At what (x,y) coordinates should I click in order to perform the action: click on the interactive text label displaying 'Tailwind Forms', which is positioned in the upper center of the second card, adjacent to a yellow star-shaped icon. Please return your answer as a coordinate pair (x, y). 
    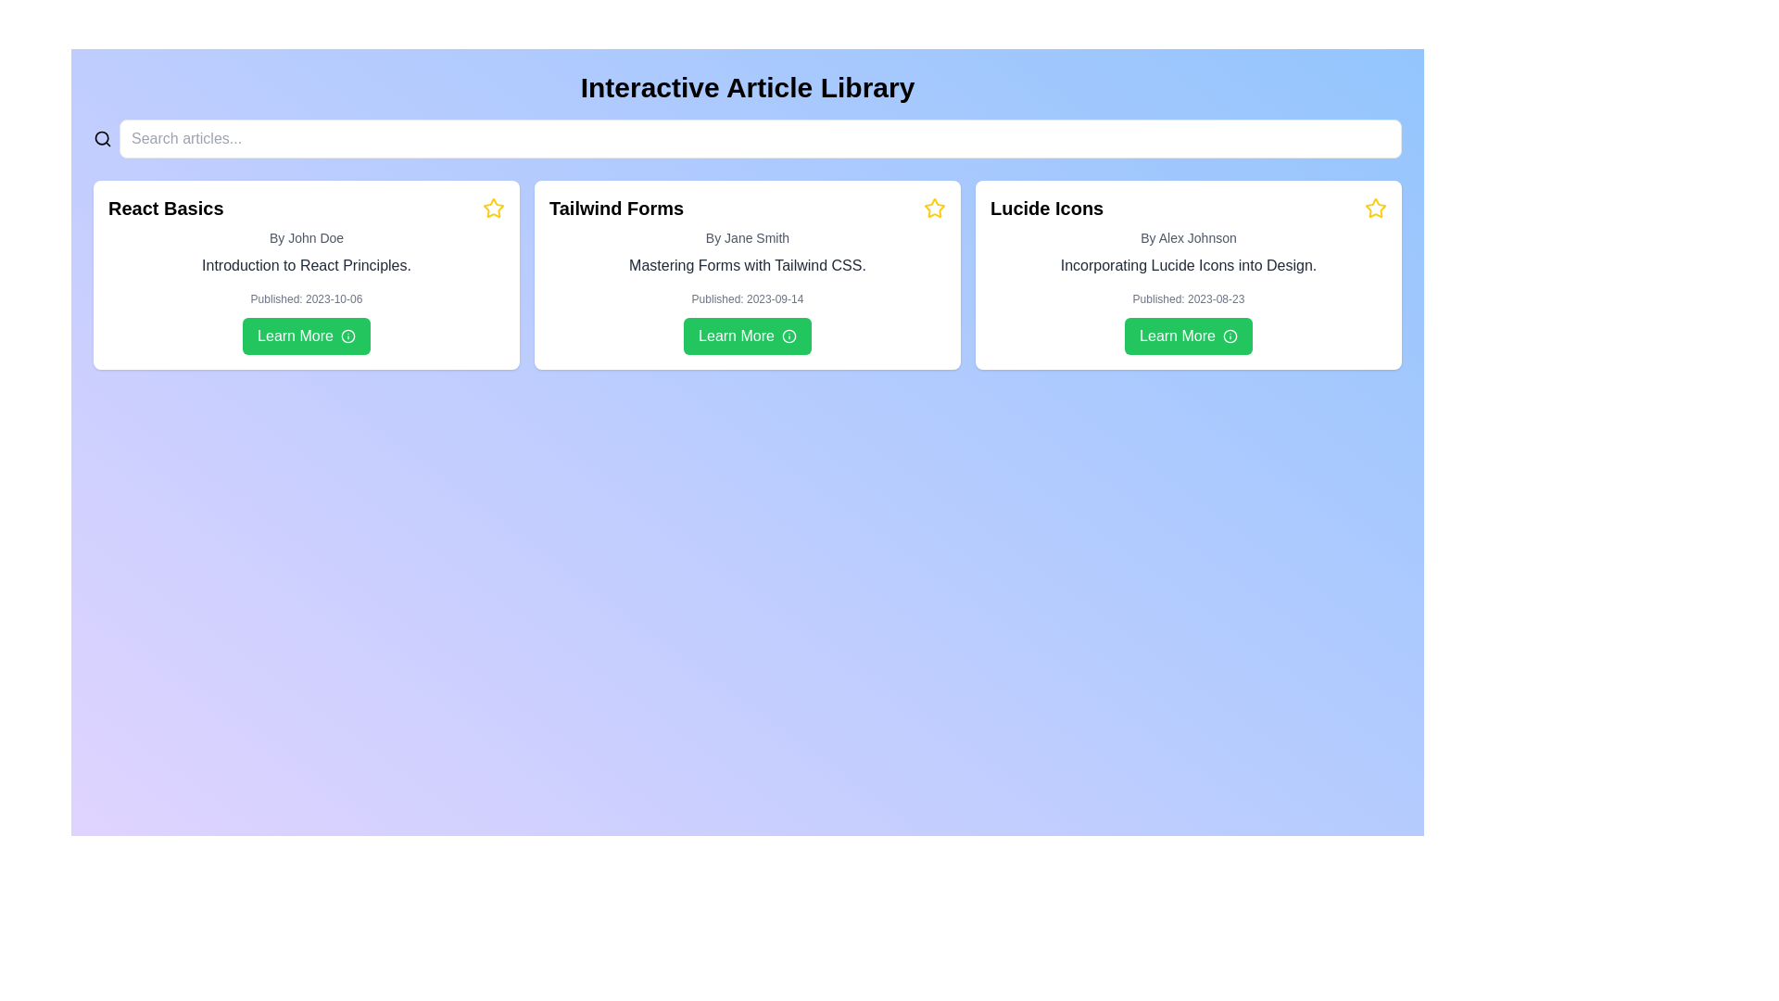
    Looking at the image, I should click on (616, 208).